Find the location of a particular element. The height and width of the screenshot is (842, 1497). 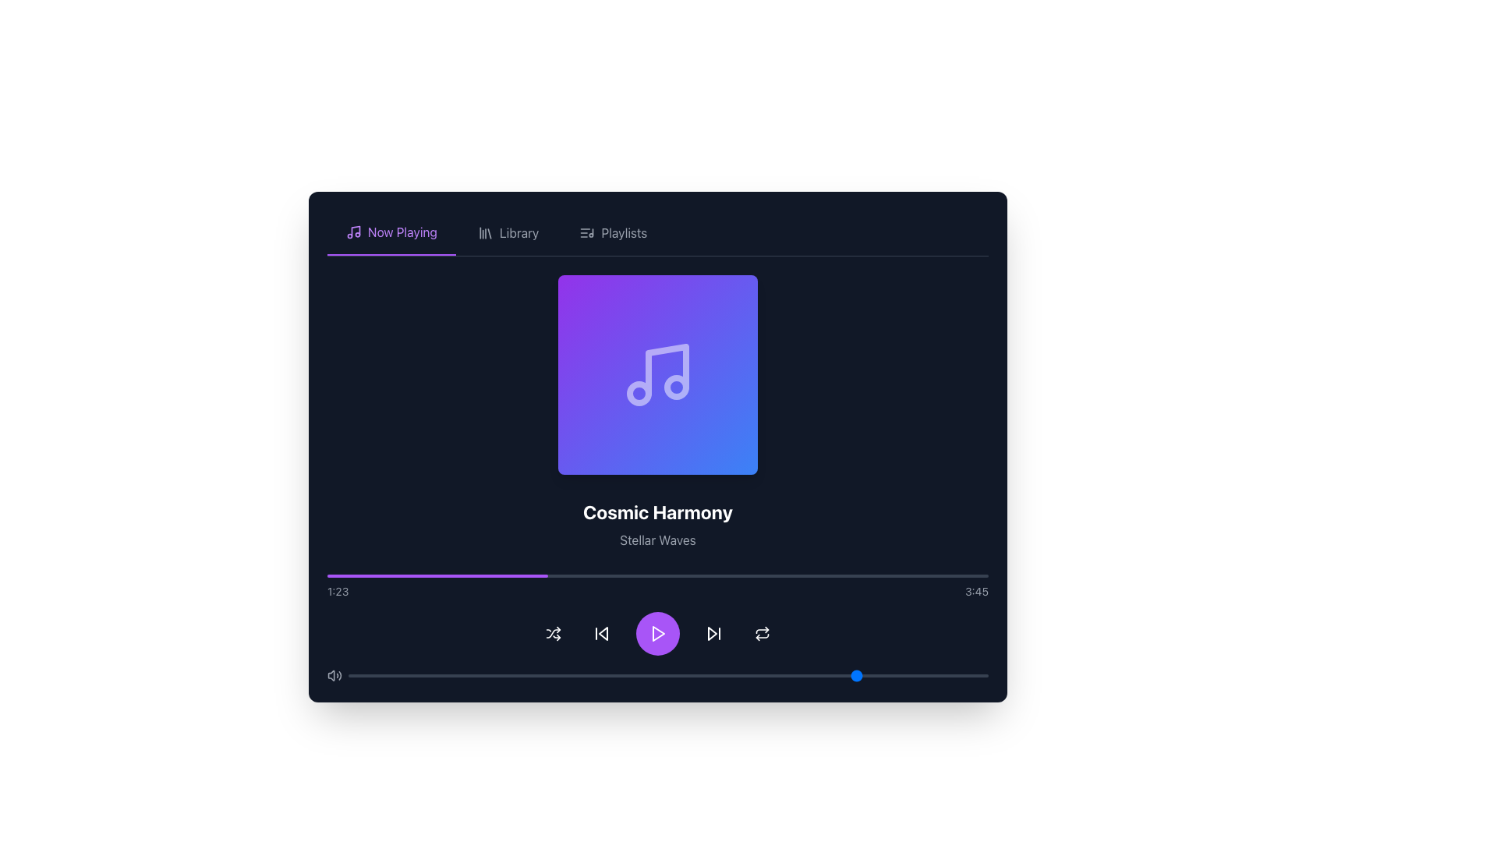

the play/pause button located centrally among the playback controls at the bottom of the interface is located at coordinates (658, 634).